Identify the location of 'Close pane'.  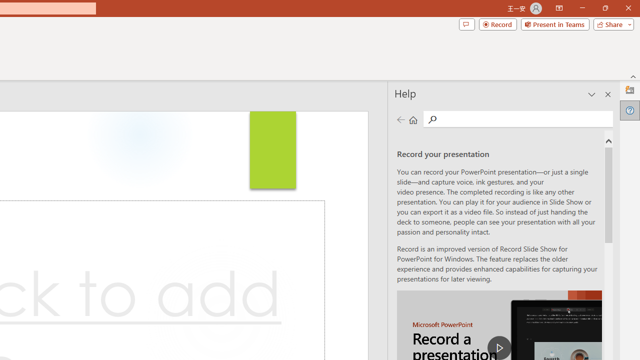
(607, 94).